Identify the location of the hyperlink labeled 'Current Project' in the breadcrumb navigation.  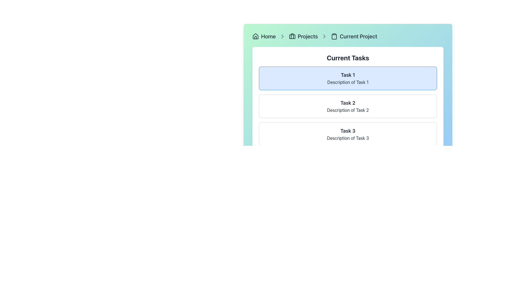
(358, 36).